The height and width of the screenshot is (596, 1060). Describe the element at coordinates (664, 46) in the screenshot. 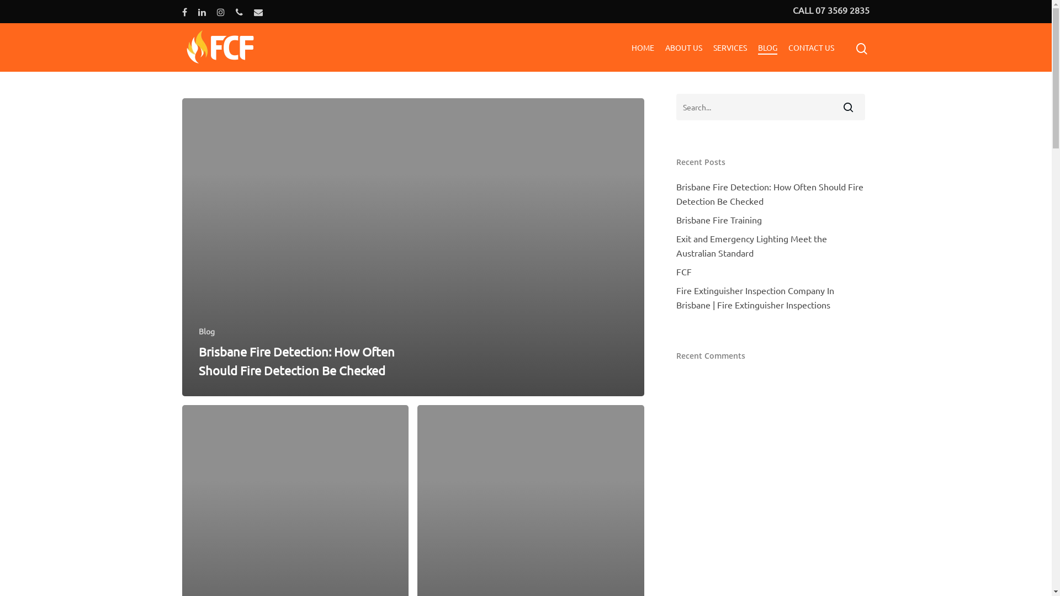

I see `'ABOUT US'` at that location.